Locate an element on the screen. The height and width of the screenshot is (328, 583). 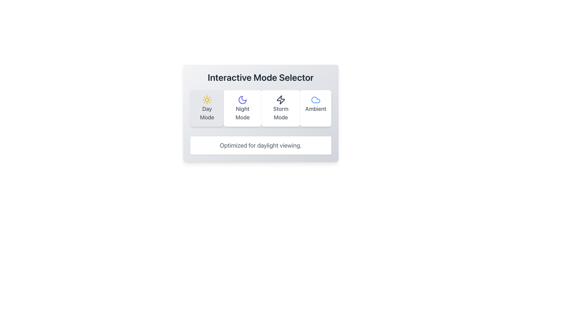
the crescent moon icon in vivid indigo color, located under the 'Night Mode' label is located at coordinates (242, 99).